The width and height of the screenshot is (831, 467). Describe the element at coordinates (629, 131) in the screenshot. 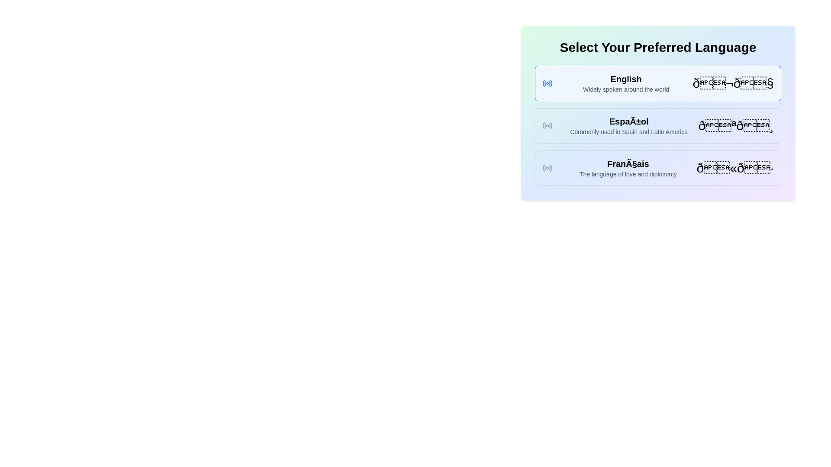

I see `the plain gray text reading 'Commonly used in Spain and Latin America', located directly below the bold text 'Español' in the language selection interface` at that location.